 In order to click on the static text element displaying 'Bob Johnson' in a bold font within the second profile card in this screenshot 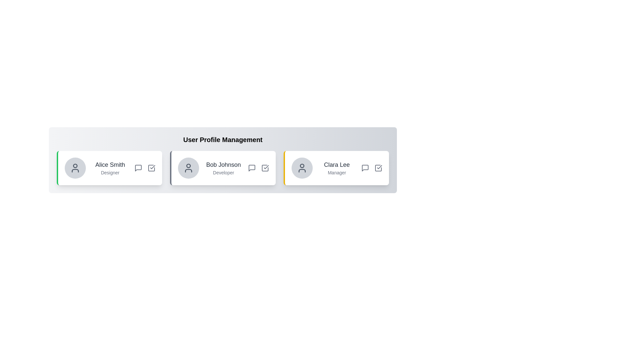, I will do `click(223, 164)`.